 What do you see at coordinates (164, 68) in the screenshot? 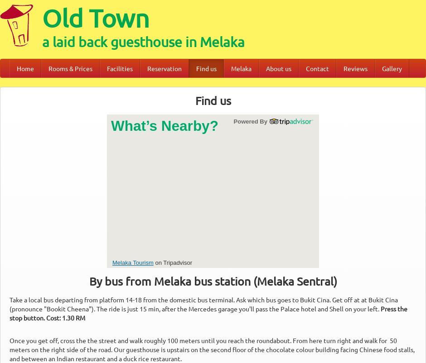
I see `'Reservation'` at bounding box center [164, 68].